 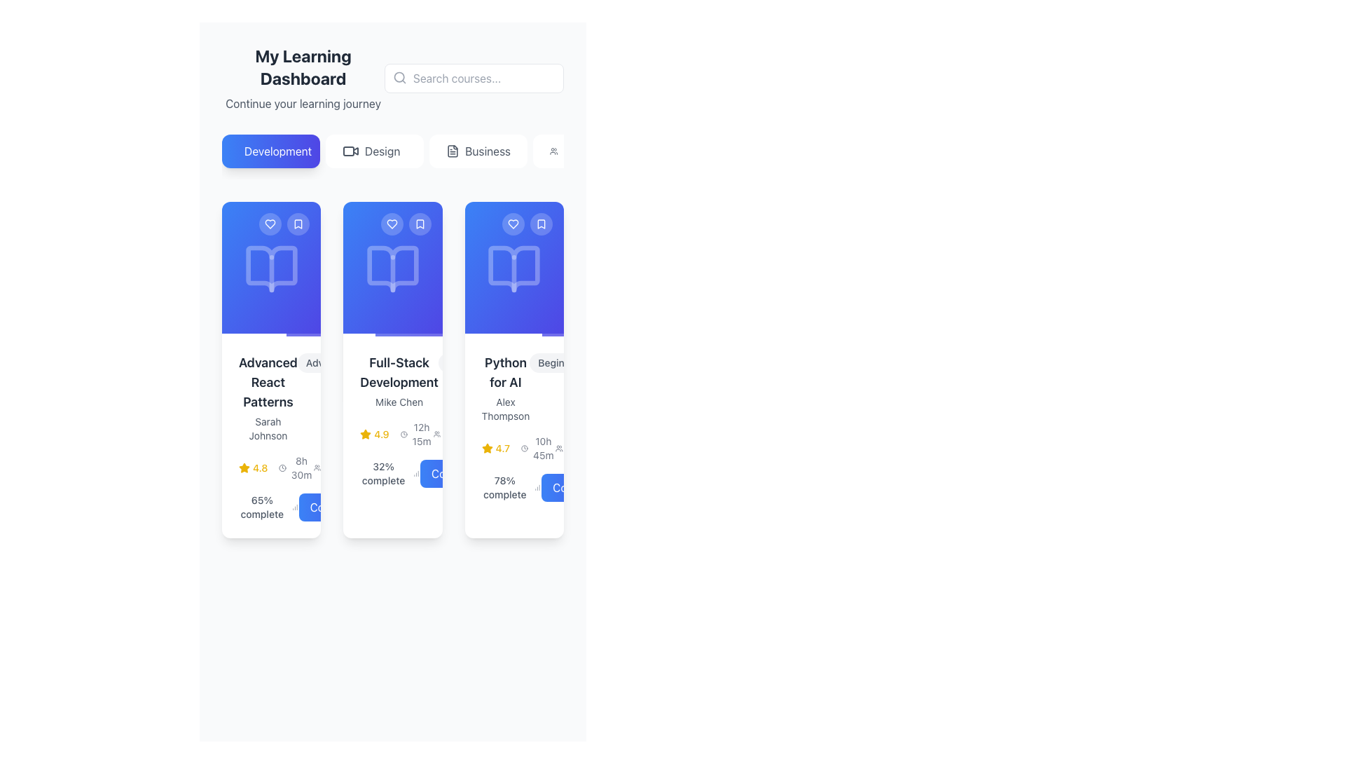 What do you see at coordinates (518, 449) in the screenshot?
I see `the informational display containing a star rating of '4.7' in yellow and a time duration of '10h 45m' in gray, located within the 'Python for AI' card under the 'Development' category` at bounding box center [518, 449].